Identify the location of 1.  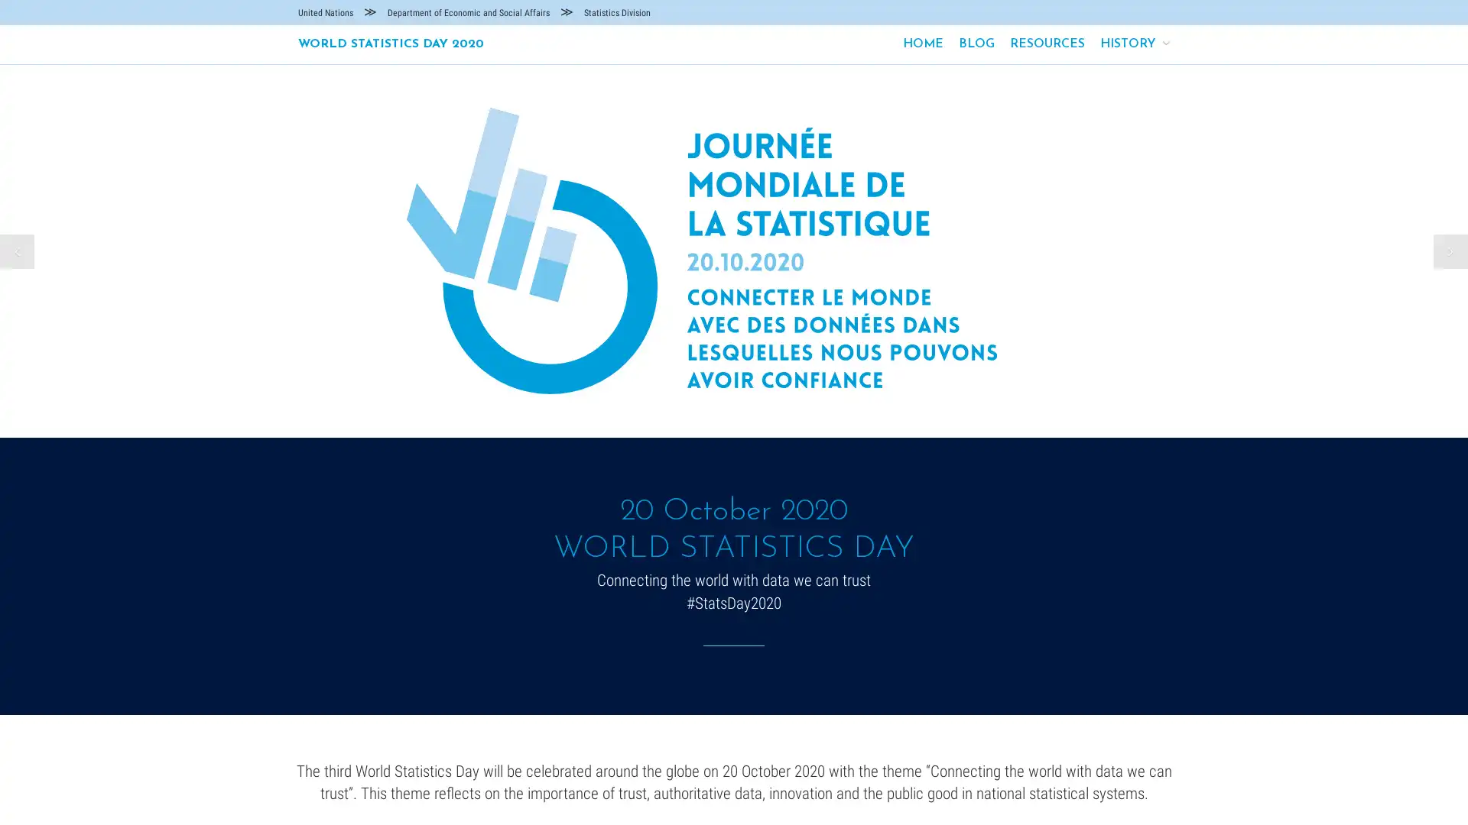
(691, 408).